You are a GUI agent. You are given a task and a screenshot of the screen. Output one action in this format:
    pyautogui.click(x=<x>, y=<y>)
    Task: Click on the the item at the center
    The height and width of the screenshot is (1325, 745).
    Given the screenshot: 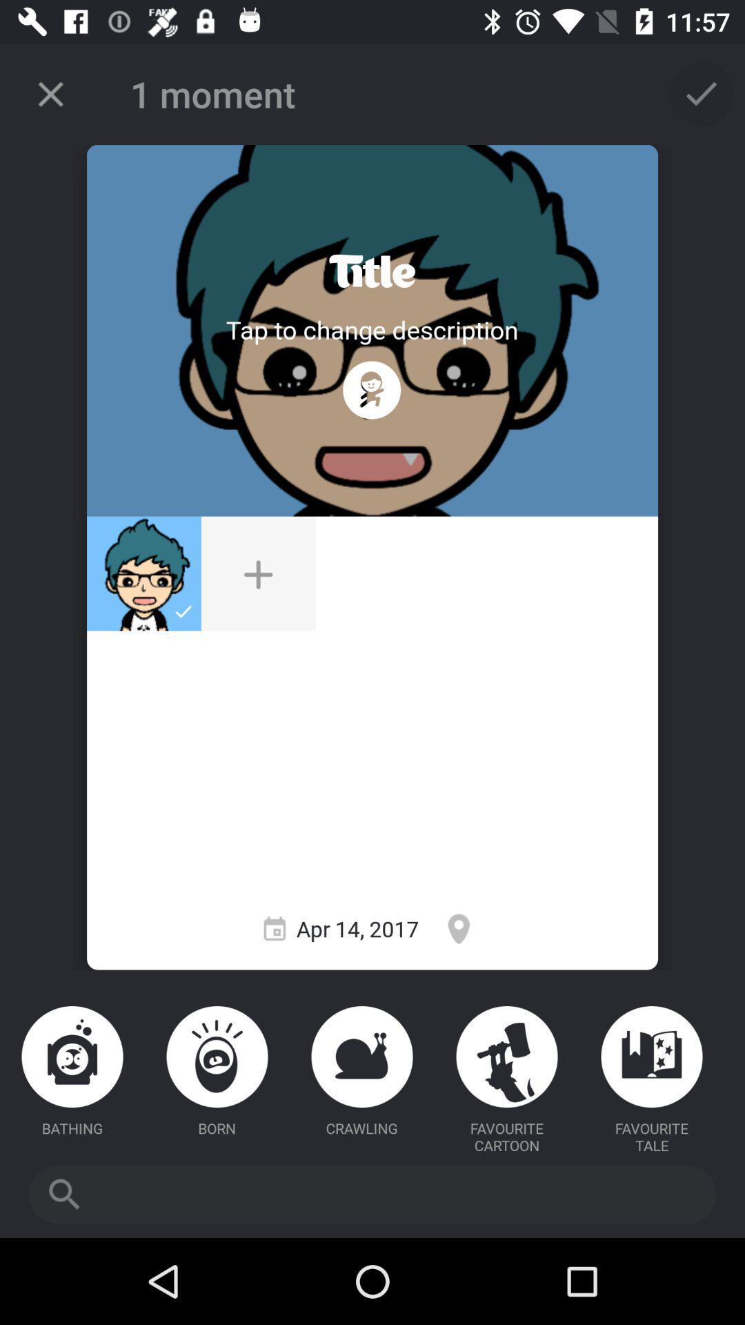 What is the action you would take?
    pyautogui.click(x=258, y=573)
    